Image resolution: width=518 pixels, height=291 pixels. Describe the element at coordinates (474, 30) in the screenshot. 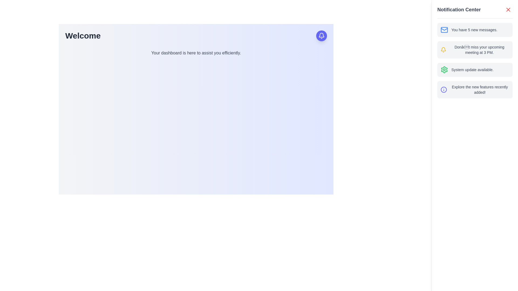

I see `text label displaying 'You have 5 new messages.' located in the first notification item group in the 'Notification Center' panel` at that location.